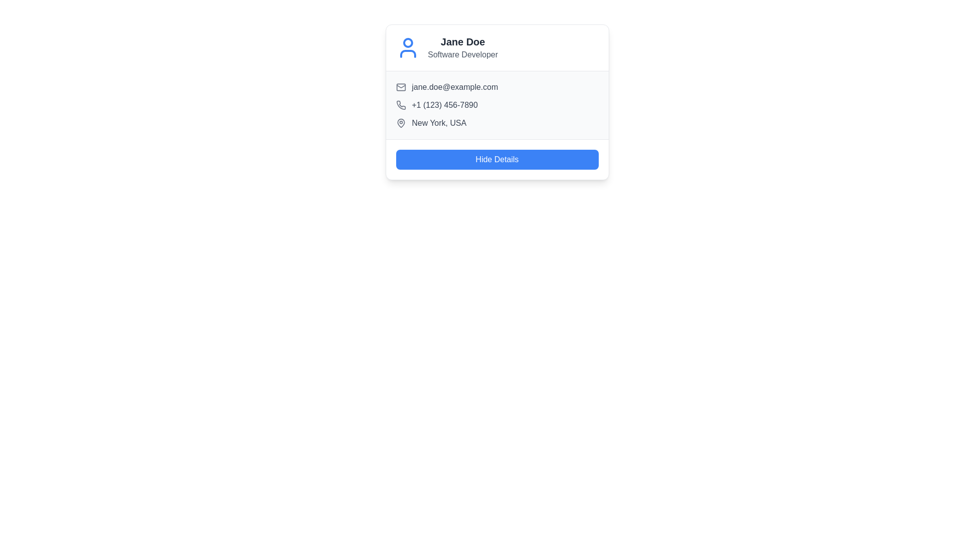 The image size is (958, 539). I want to click on the email icon that precedes the email address 'jane.doe@example.com' for context, so click(401, 86).